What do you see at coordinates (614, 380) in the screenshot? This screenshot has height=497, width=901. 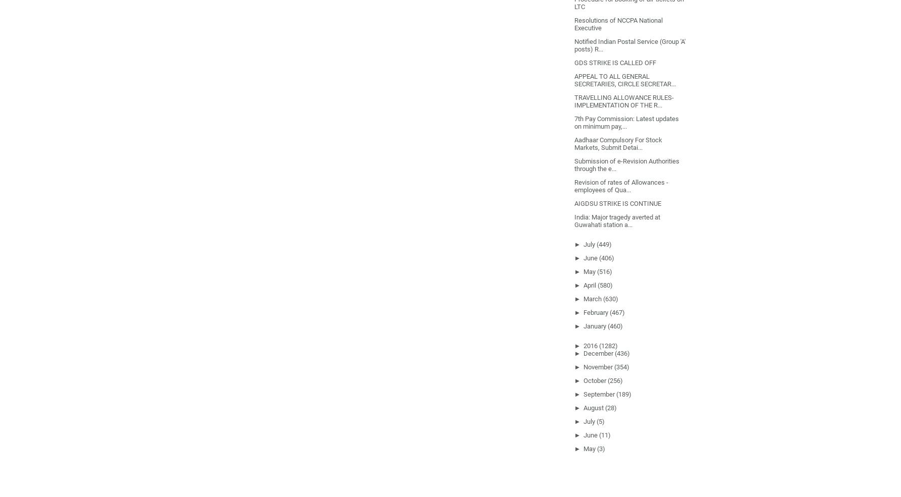 I see `'(256)'` at bounding box center [614, 380].